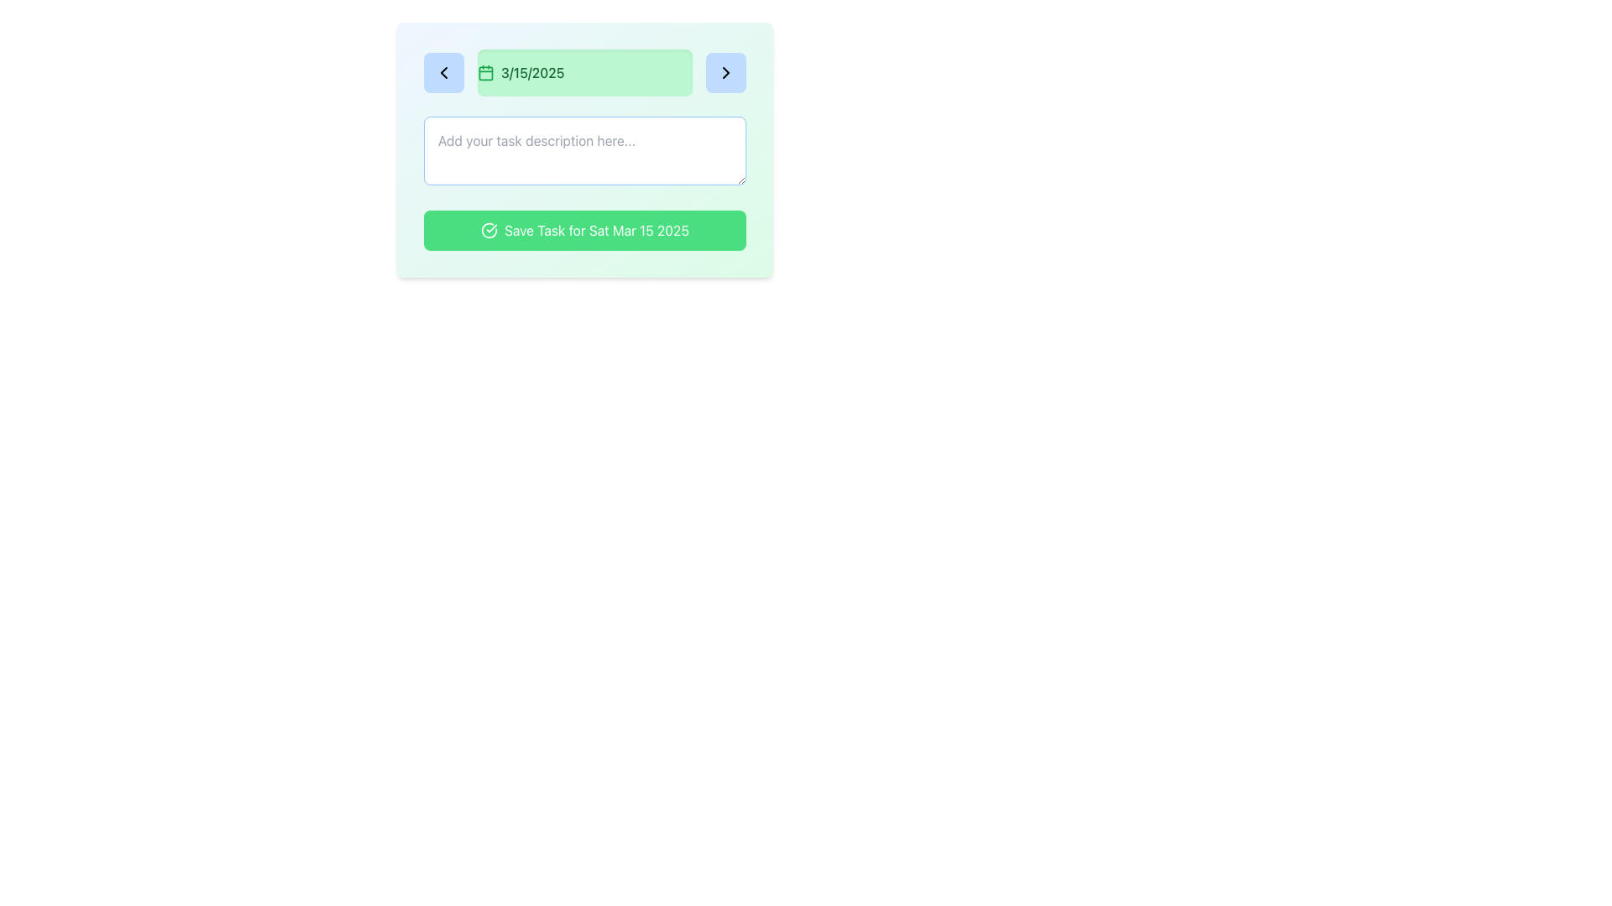 This screenshot has height=906, width=1612. Describe the element at coordinates (584, 72) in the screenshot. I see `the Date Display Component in the center of the task input card to modify the displayed date` at that location.